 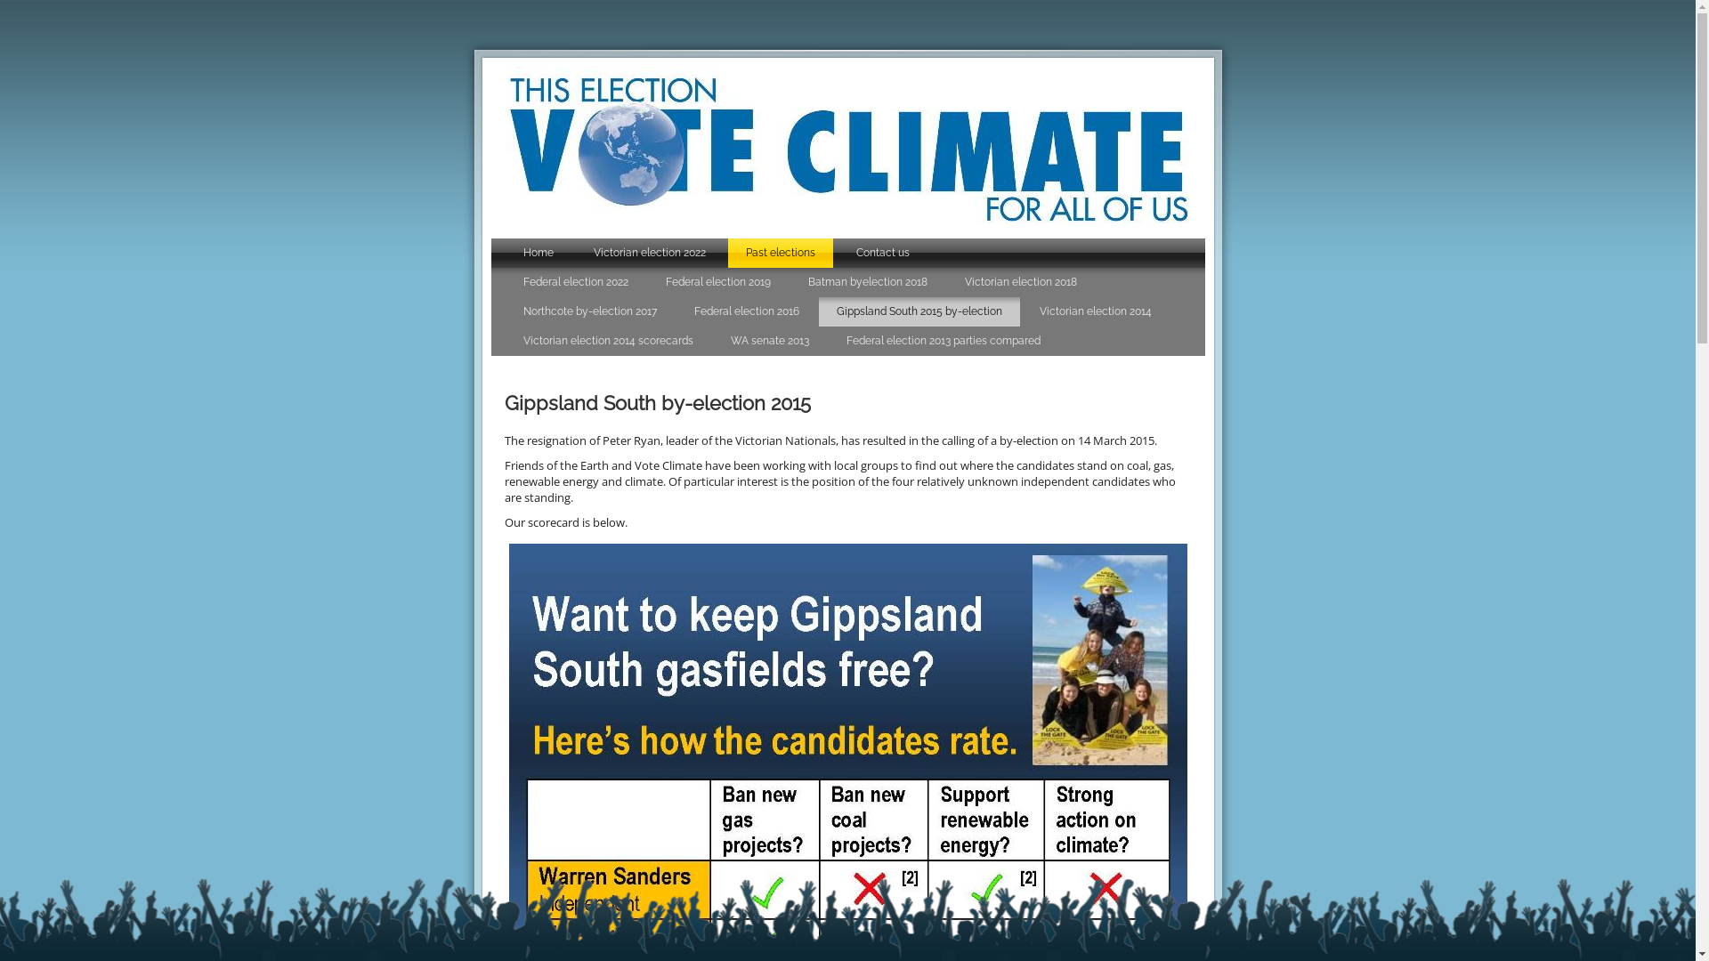 I want to click on 'Federal election 2013 parties compared', so click(x=942, y=341).